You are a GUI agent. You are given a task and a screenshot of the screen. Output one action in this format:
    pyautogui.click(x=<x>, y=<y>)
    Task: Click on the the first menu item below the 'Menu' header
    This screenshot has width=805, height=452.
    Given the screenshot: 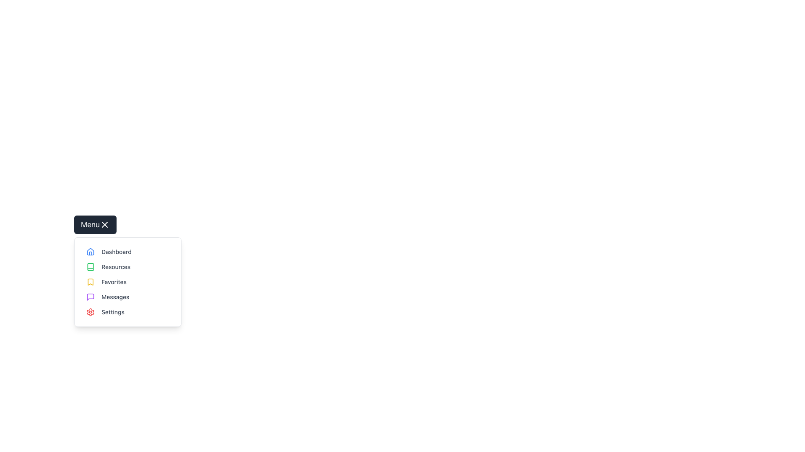 What is the action you would take?
    pyautogui.click(x=127, y=251)
    